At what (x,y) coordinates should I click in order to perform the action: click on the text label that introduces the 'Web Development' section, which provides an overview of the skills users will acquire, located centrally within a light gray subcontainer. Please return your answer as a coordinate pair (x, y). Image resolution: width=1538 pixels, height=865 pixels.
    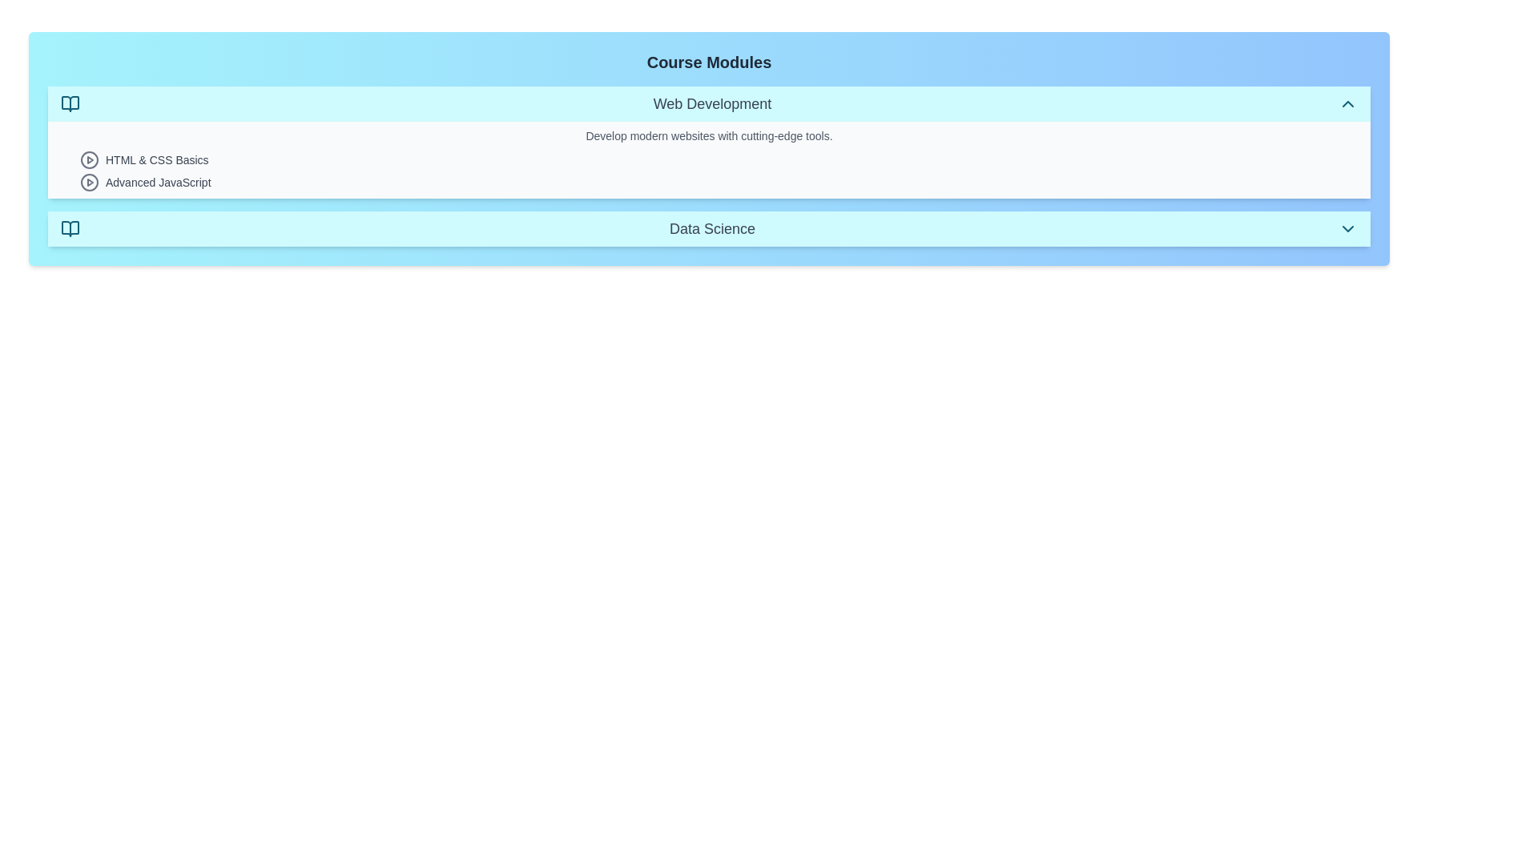
    Looking at the image, I should click on (708, 135).